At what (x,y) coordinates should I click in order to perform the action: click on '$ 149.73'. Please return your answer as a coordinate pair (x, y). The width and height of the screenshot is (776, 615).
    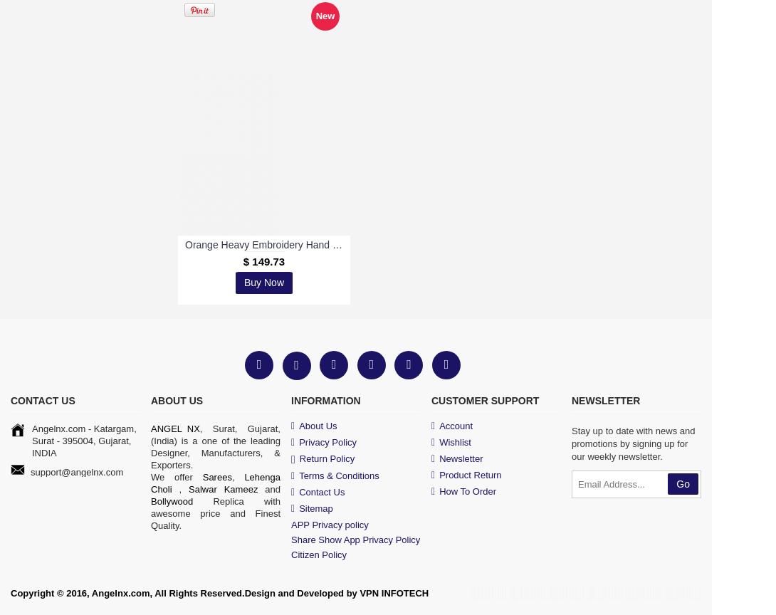
    Looking at the image, I should click on (263, 260).